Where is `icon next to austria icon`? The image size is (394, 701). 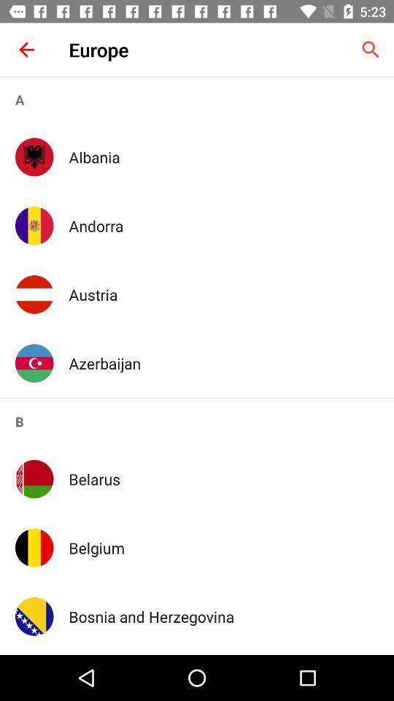 icon next to austria icon is located at coordinates (34, 294).